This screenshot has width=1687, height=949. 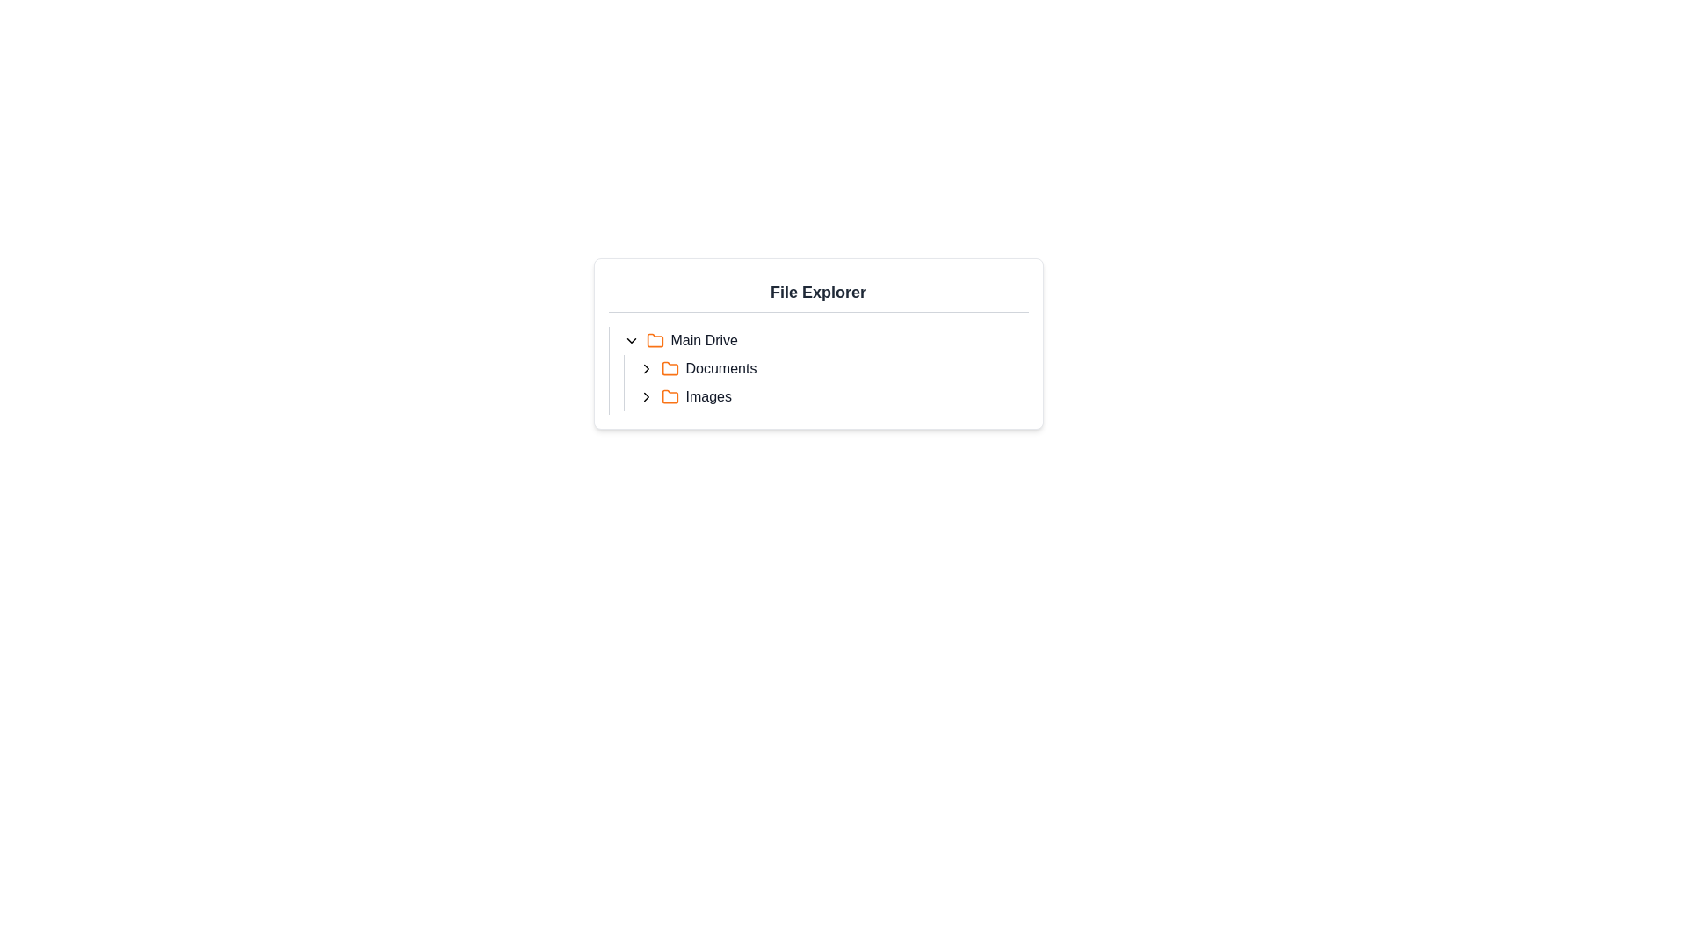 I want to click on the 'Main Drive' text label, which is styled with a bold font and dark gray color, so click(x=704, y=341).